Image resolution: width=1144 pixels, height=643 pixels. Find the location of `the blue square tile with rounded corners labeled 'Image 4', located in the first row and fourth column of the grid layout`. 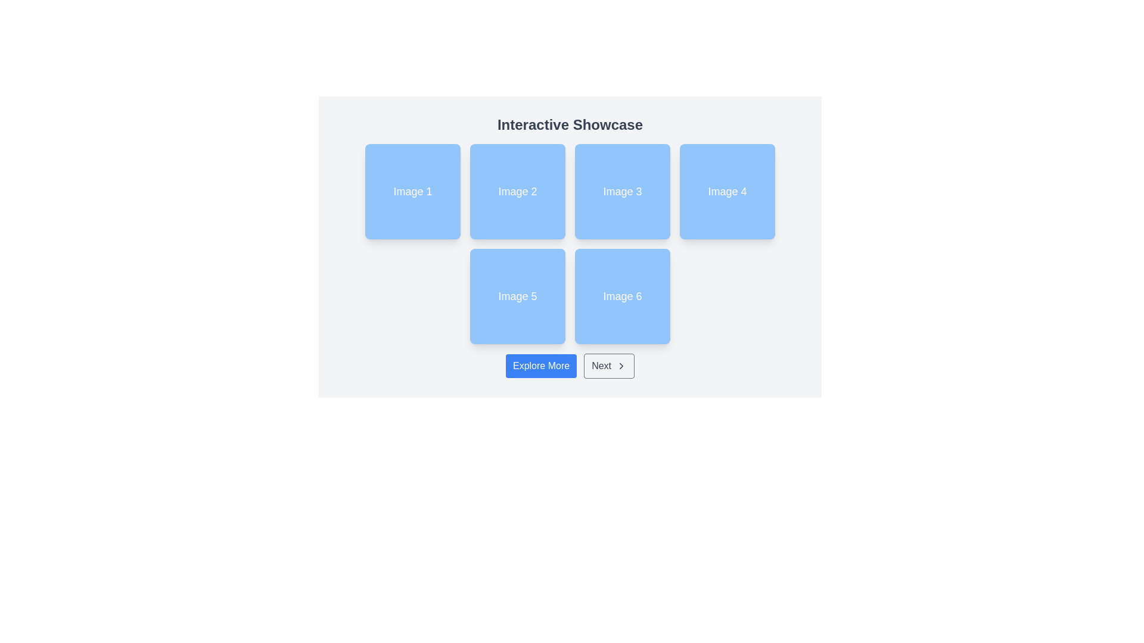

the blue square tile with rounded corners labeled 'Image 4', located in the first row and fourth column of the grid layout is located at coordinates (726, 191).